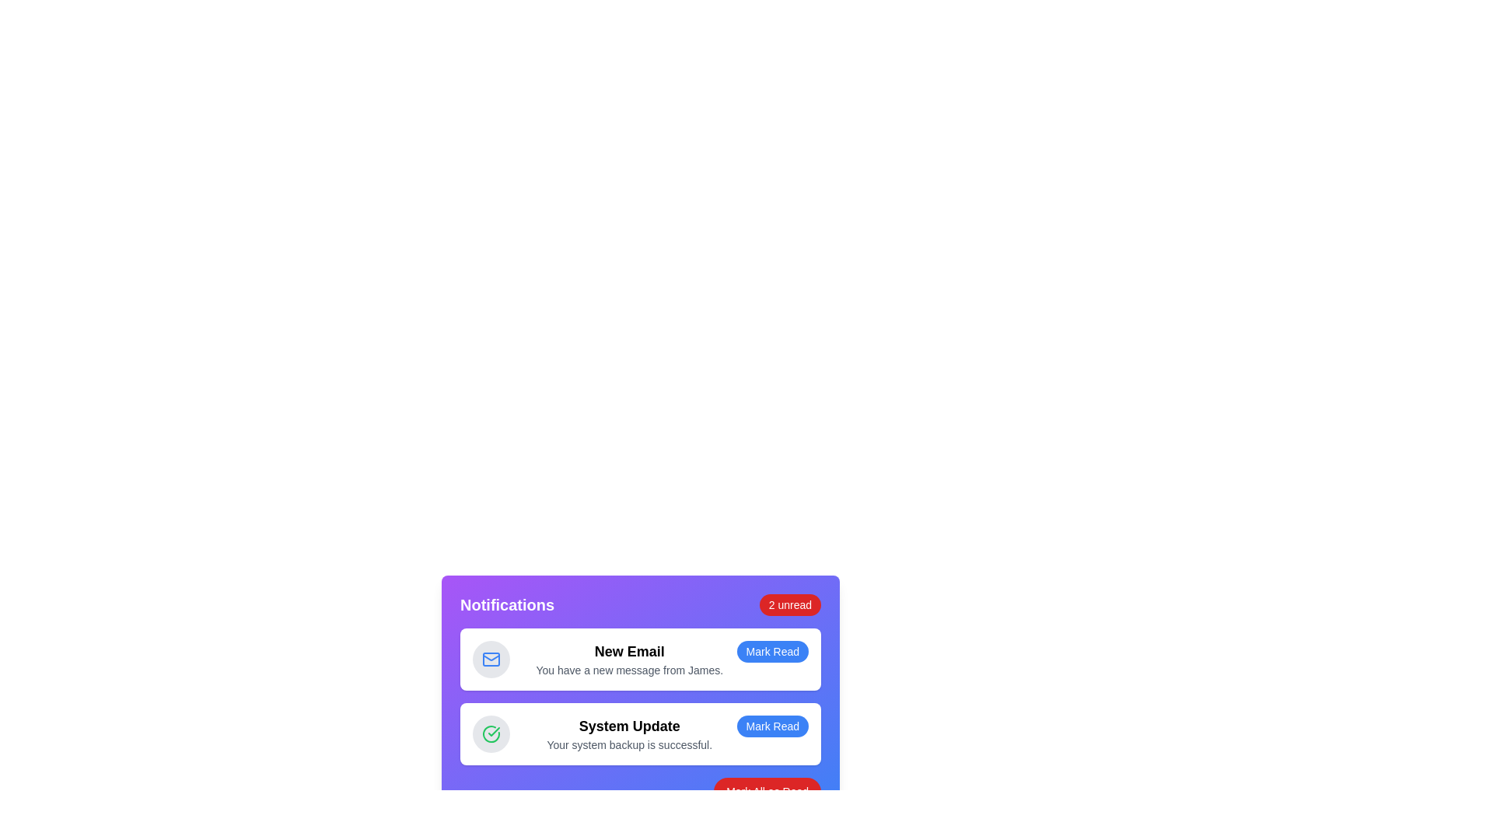 This screenshot has height=840, width=1493. Describe the element at coordinates (641, 734) in the screenshot. I see `the second notification block that informs the user about the system's successful backup` at that location.